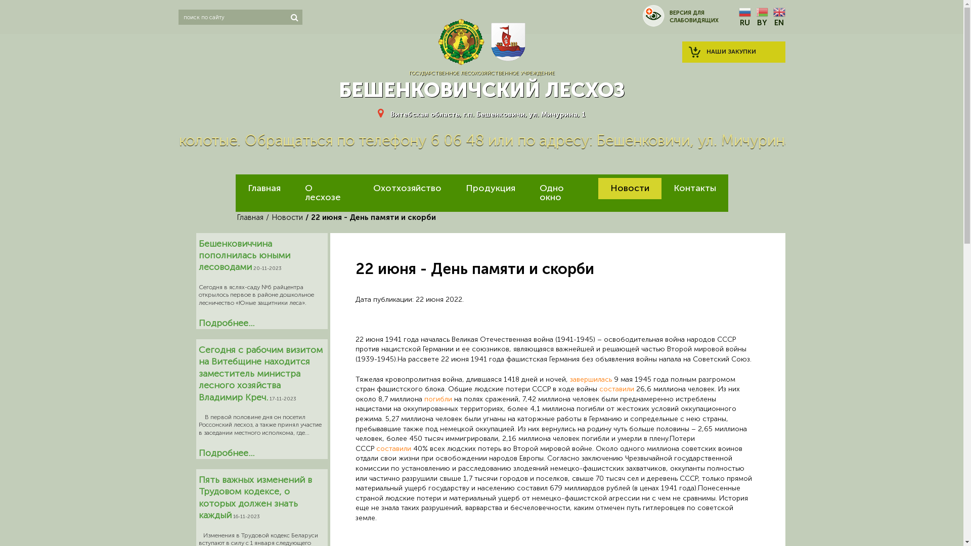 The width and height of the screenshot is (971, 546). What do you see at coordinates (755, 17) in the screenshot?
I see `'BY'` at bounding box center [755, 17].